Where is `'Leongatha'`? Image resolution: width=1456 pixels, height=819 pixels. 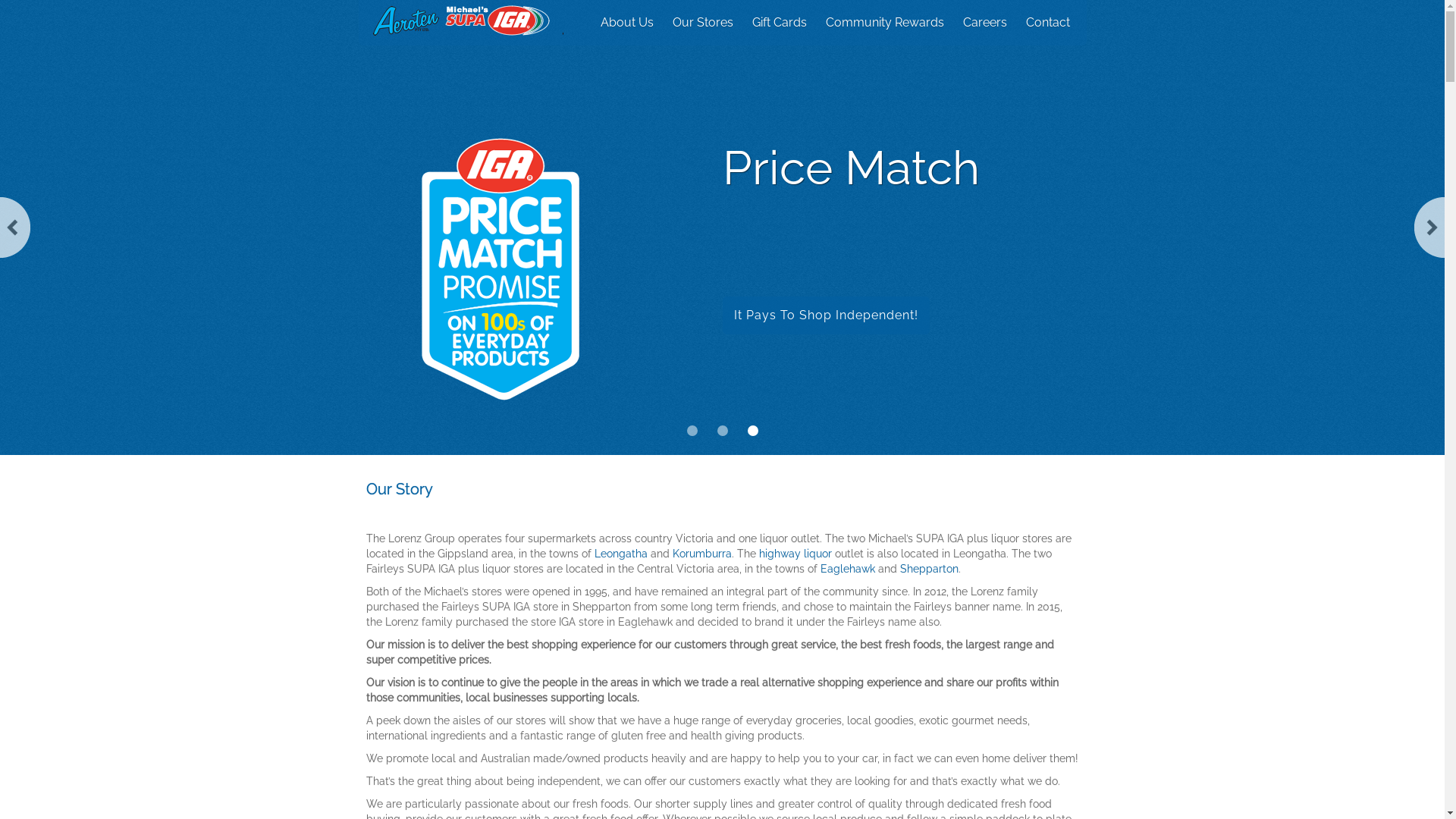 'Leongatha' is located at coordinates (593, 553).